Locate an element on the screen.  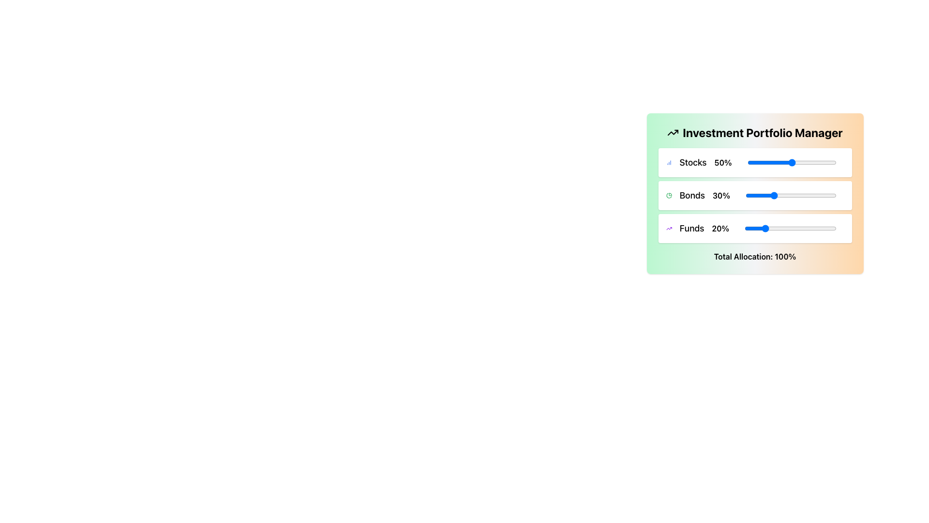
the 'Funds' allocation is located at coordinates (797, 228).